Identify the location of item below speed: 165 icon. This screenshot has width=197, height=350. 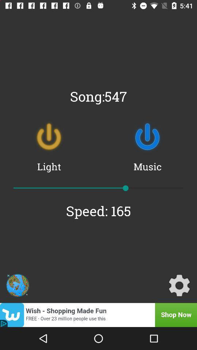
(18, 285).